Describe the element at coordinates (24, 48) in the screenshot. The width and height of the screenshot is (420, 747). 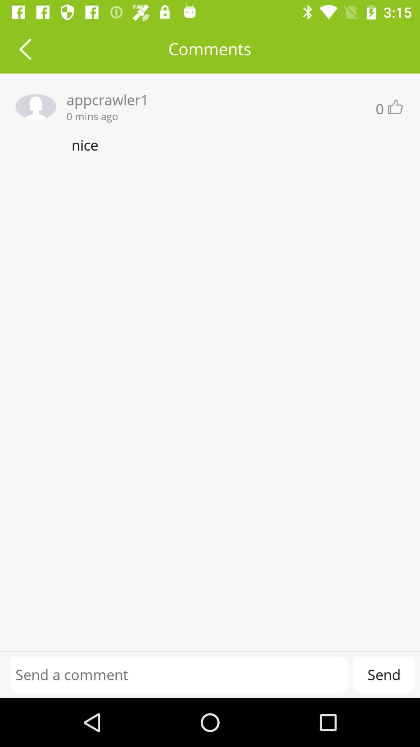
I see `icon to the left of comments icon` at that location.